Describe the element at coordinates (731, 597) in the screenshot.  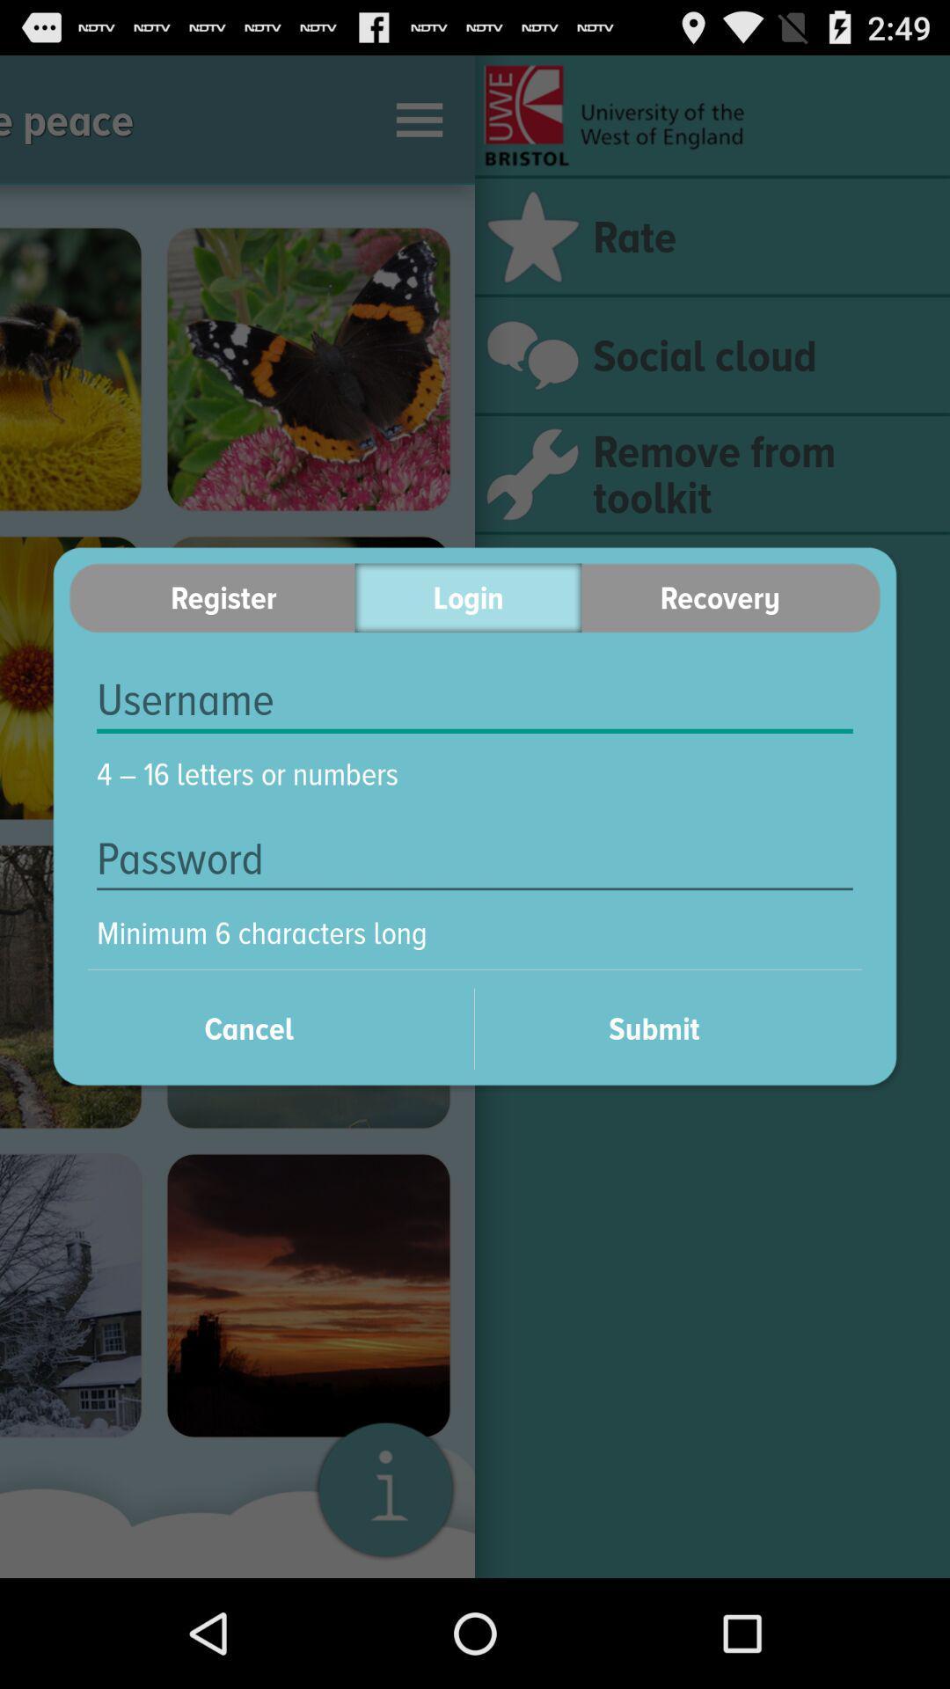
I see `the item to the right of the login item` at that location.